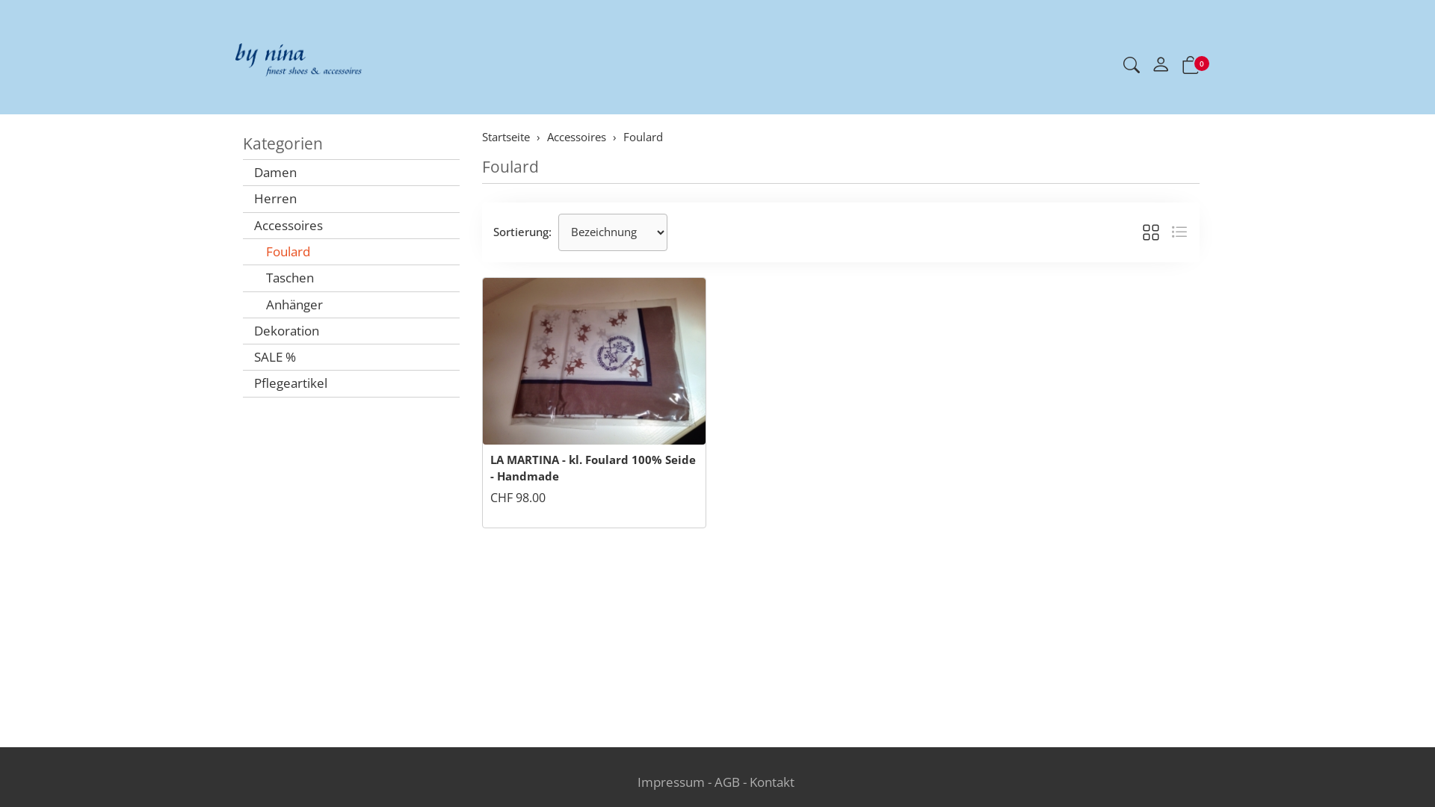 The image size is (1435, 807). Describe the element at coordinates (351, 172) in the screenshot. I see `'Damen'` at that location.